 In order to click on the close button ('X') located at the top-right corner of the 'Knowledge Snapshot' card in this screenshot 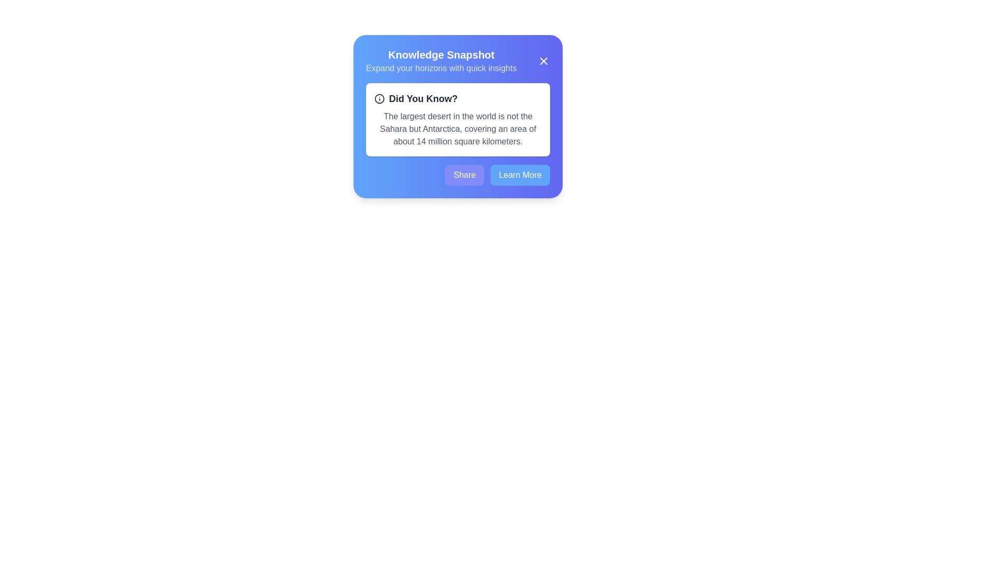, I will do `click(544, 61)`.